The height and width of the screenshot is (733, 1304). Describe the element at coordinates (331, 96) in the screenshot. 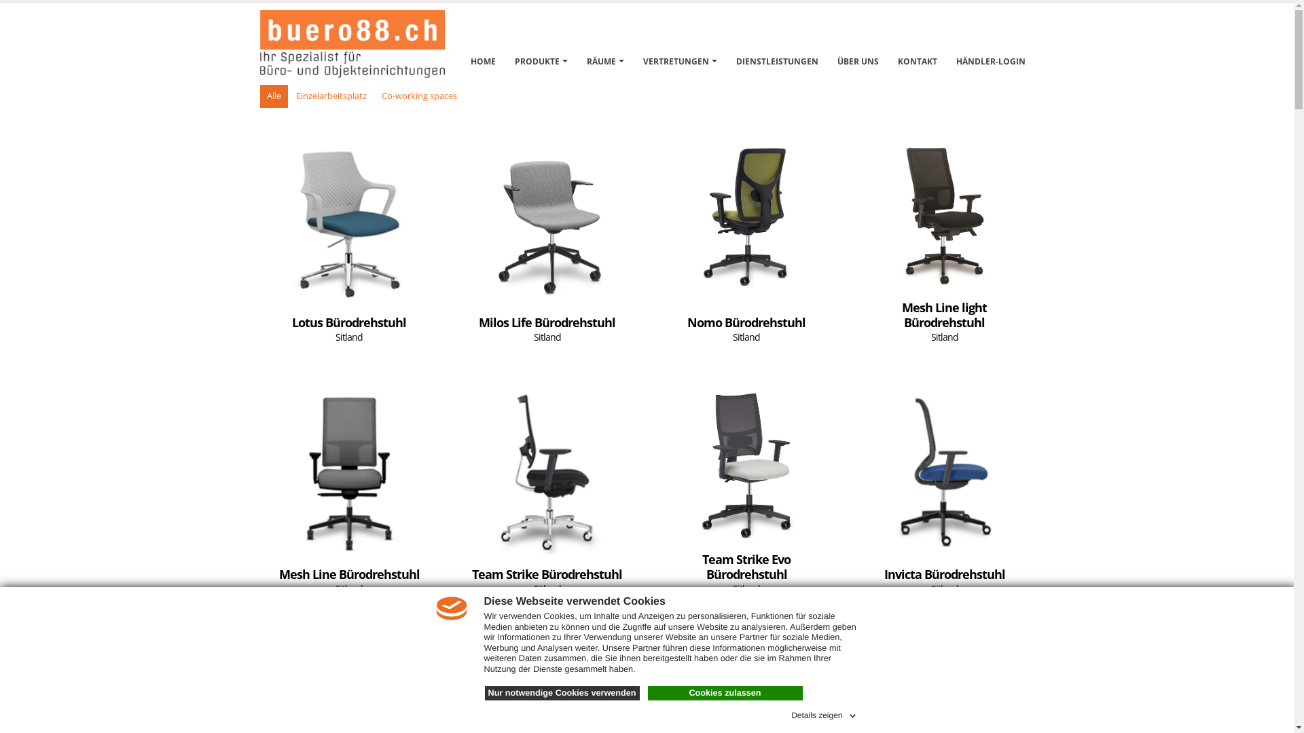

I see `'Einzelarbeitsplatz'` at that location.